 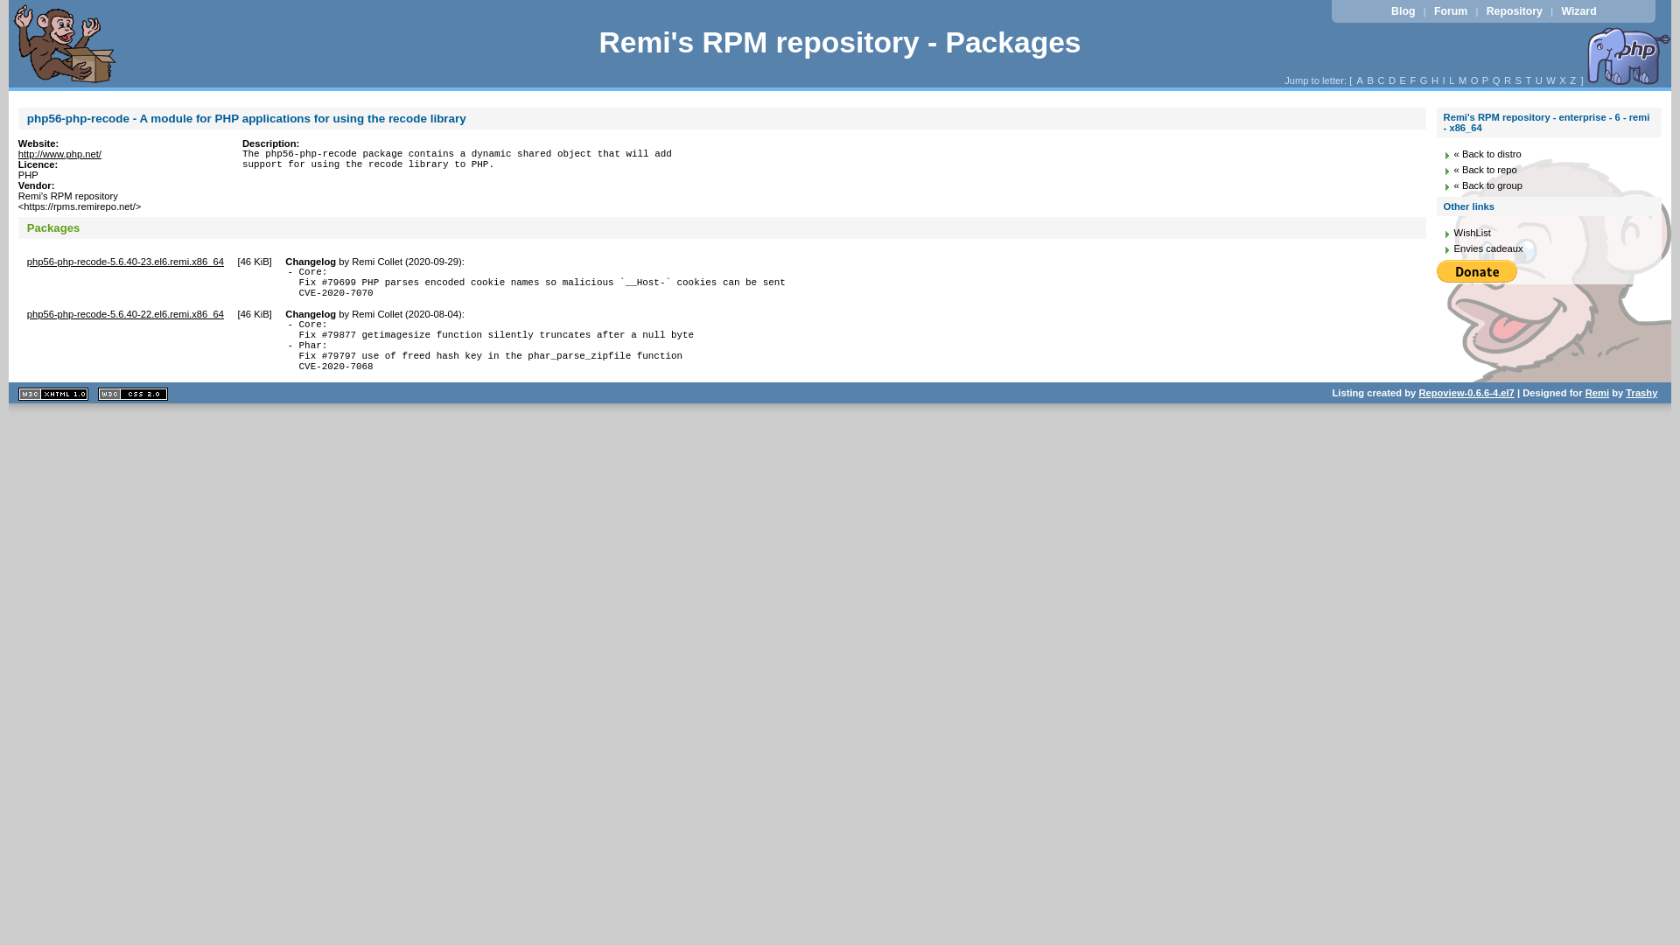 I want to click on 'F', so click(x=1407, y=80).